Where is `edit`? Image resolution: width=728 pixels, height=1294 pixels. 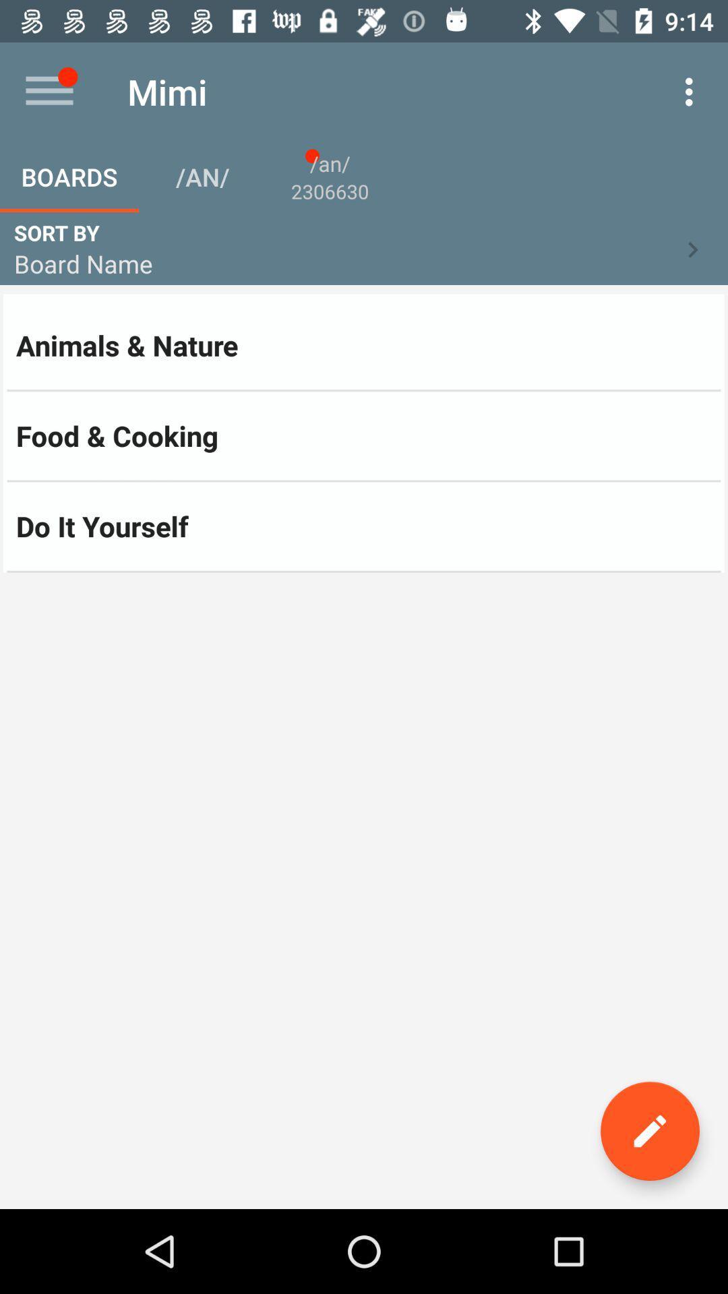 edit is located at coordinates (649, 1131).